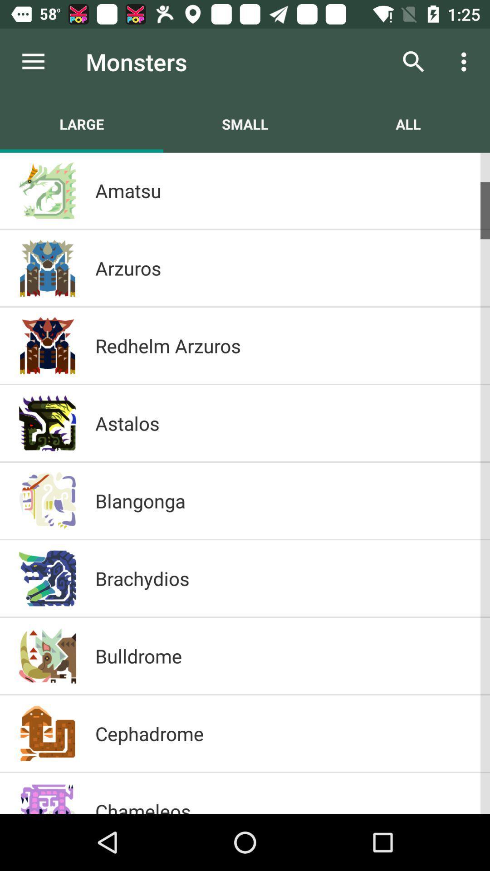  Describe the element at coordinates (413, 61) in the screenshot. I see `app above the all item` at that location.